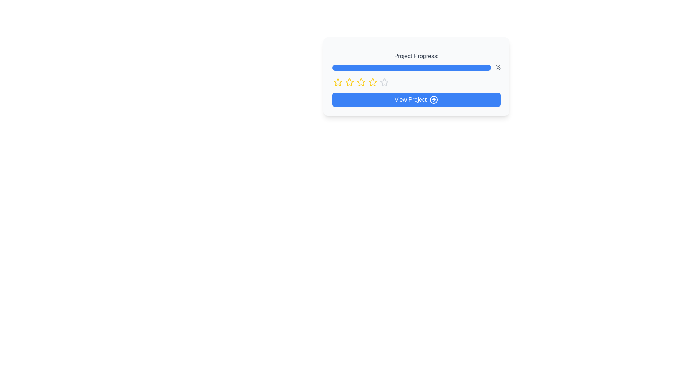  Describe the element at coordinates (416, 56) in the screenshot. I see `the bold text label reading 'Project Progress:' styled in gray, located near the top of the content card, immediately below the title area and above the progress bar` at that location.